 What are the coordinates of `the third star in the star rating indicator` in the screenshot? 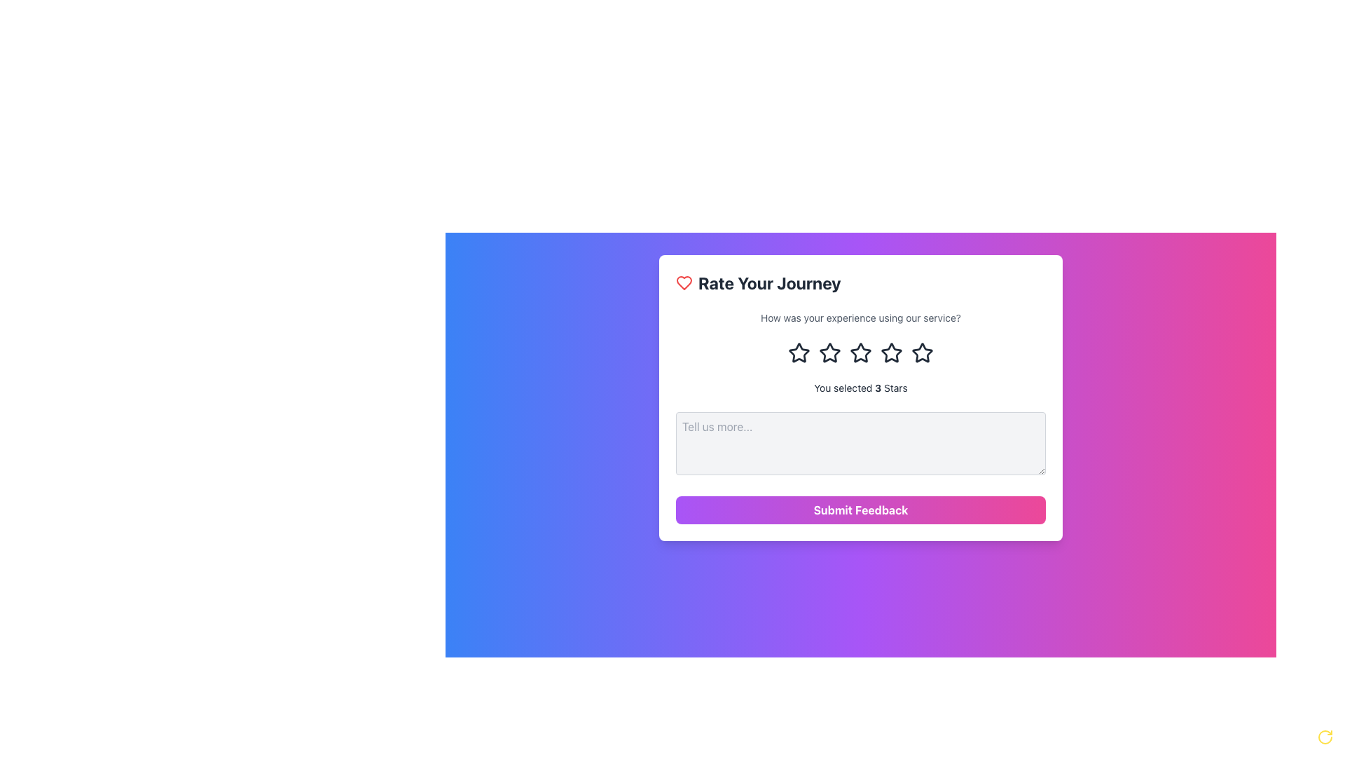 It's located at (860, 353).